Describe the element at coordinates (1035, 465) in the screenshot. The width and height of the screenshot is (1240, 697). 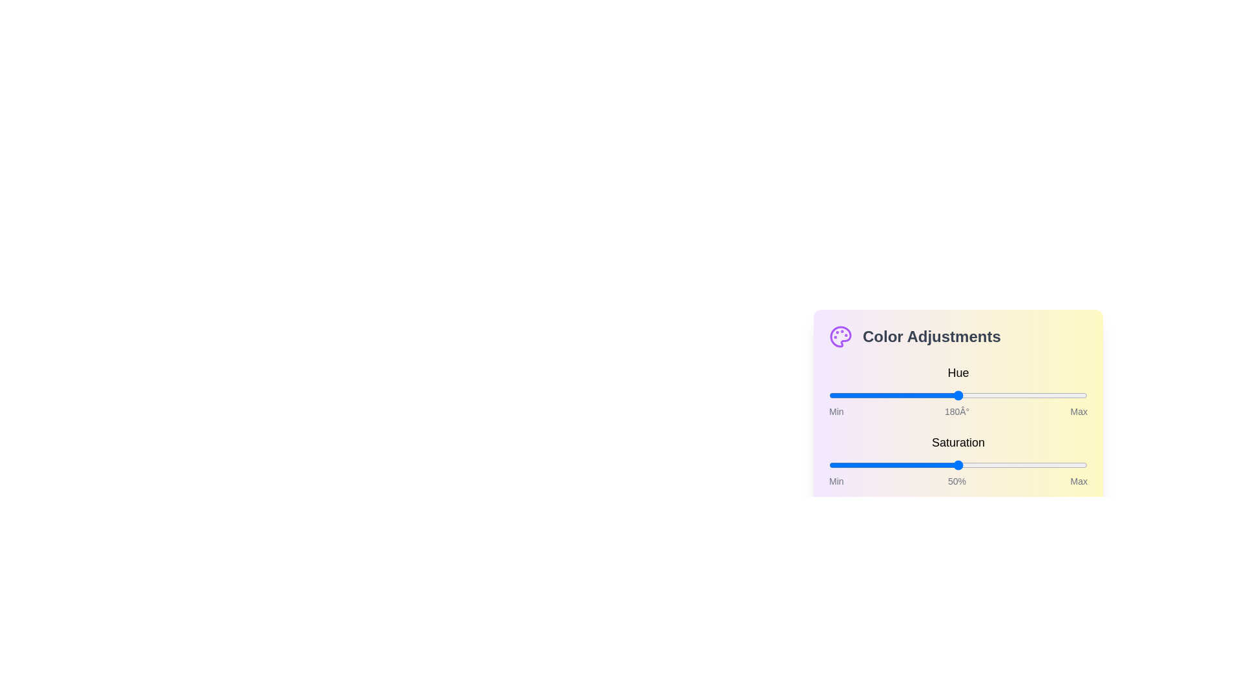
I see `the saturation slider to 80` at that location.